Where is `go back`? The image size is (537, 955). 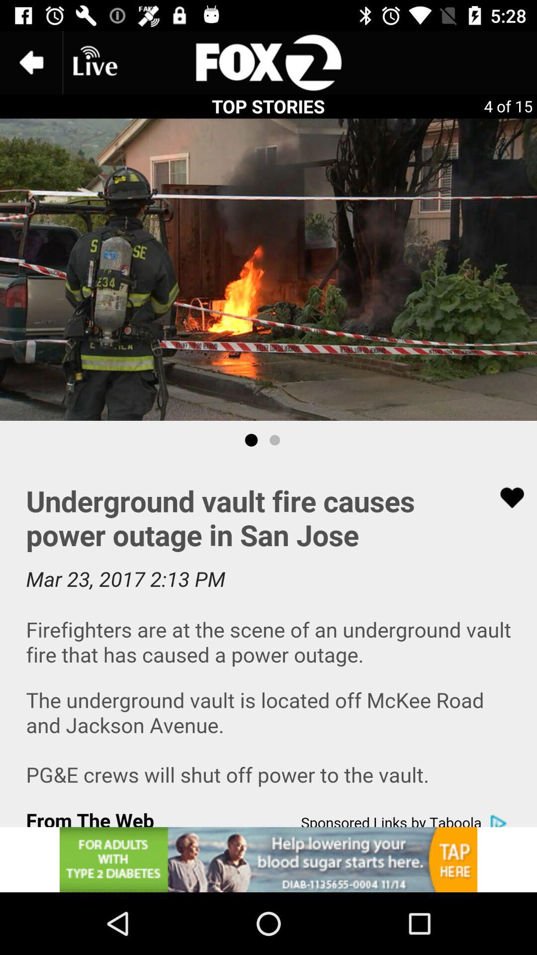
go back is located at coordinates (30, 62).